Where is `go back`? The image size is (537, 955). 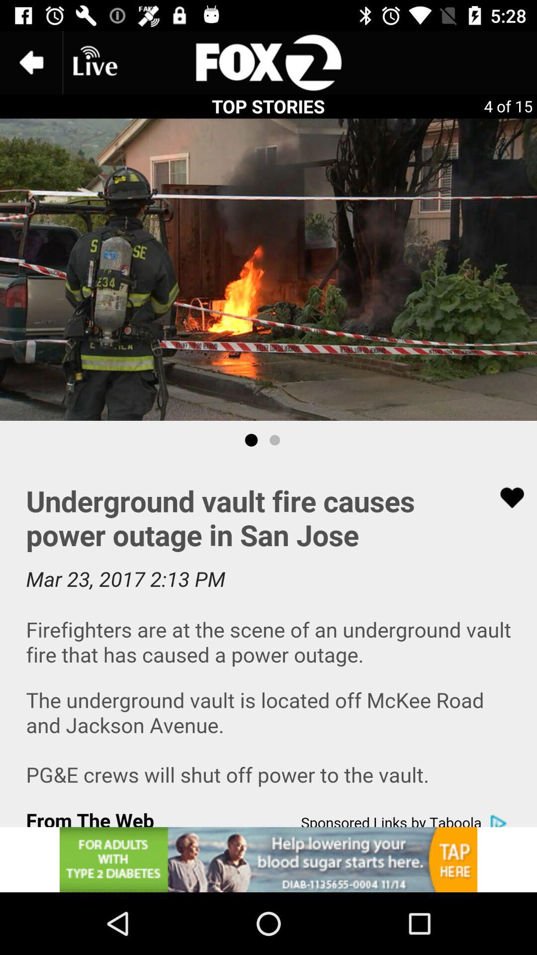
go back is located at coordinates (30, 62).